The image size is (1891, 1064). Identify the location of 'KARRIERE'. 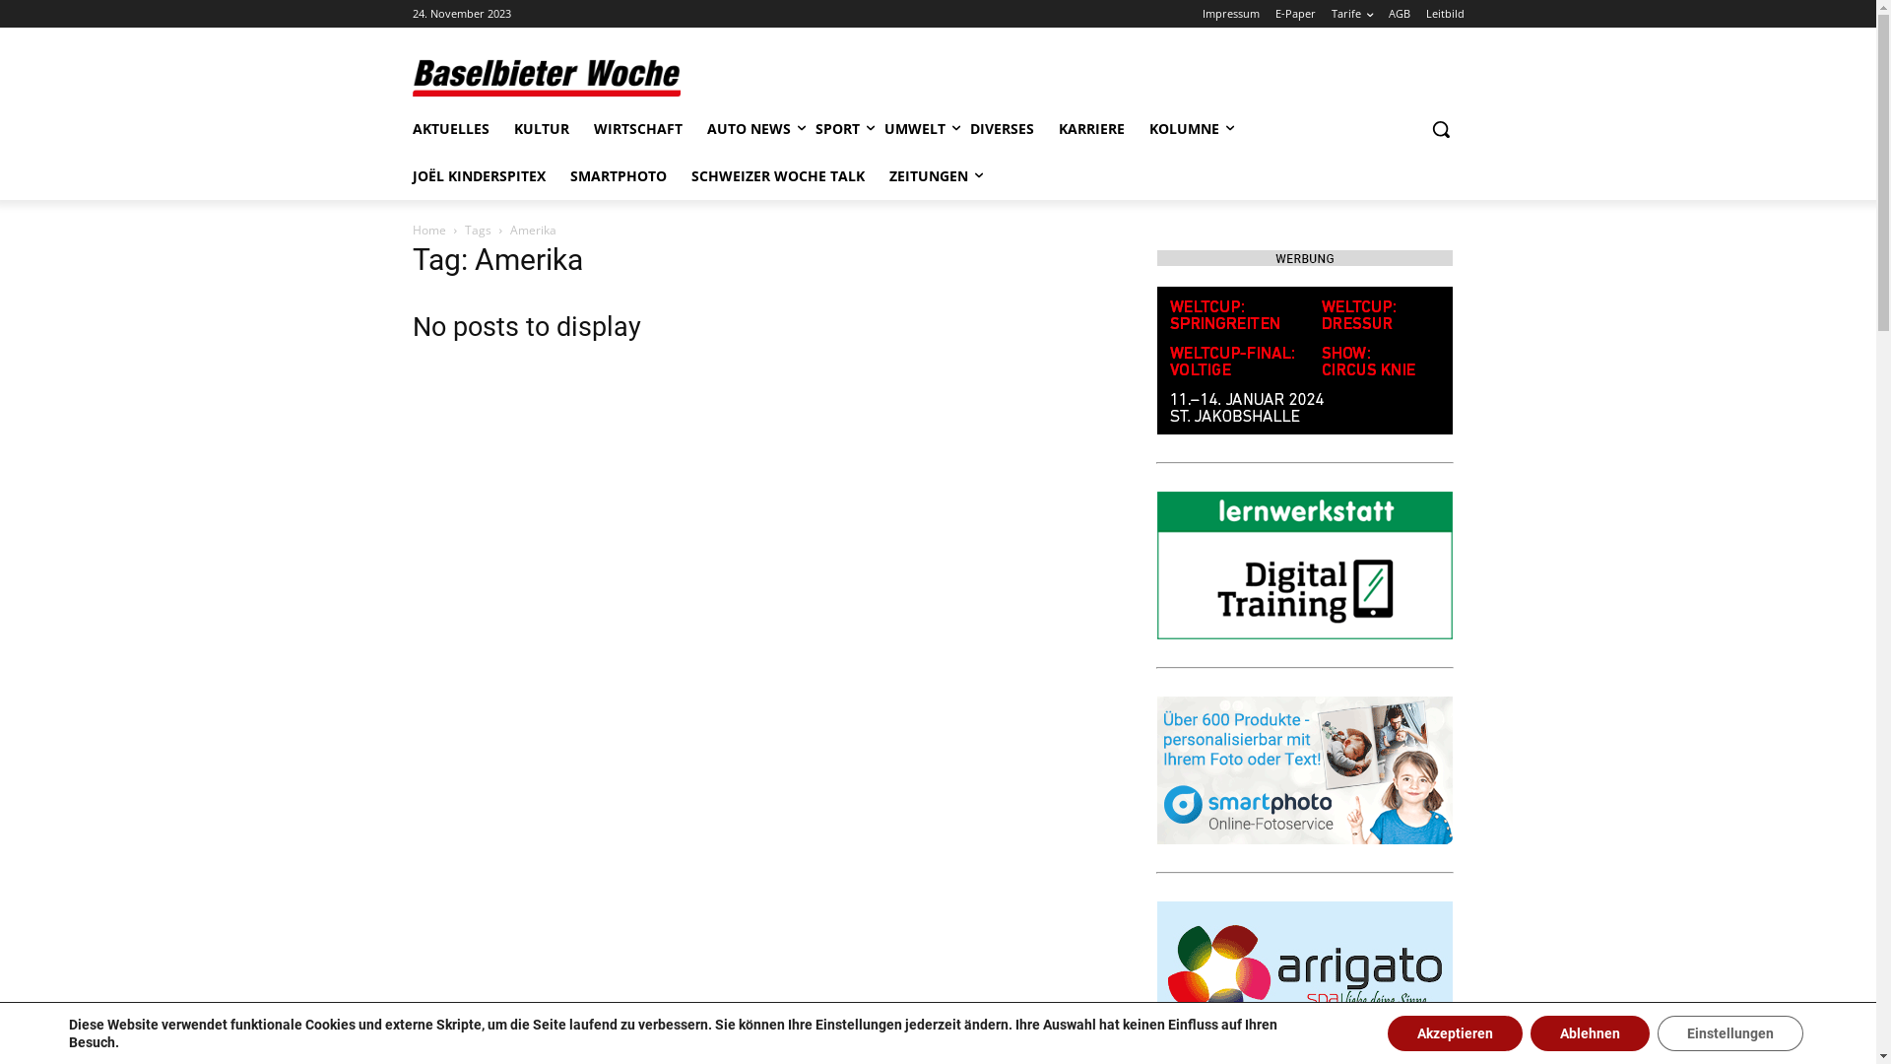
(1057, 129).